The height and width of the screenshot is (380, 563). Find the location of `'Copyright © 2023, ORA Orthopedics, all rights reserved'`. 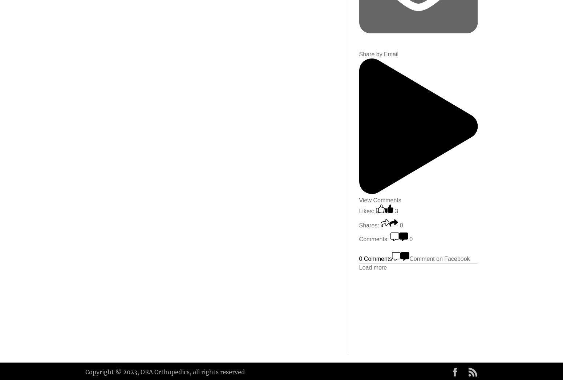

'Copyright © 2023, ORA Orthopedics, all rights reserved' is located at coordinates (165, 371).